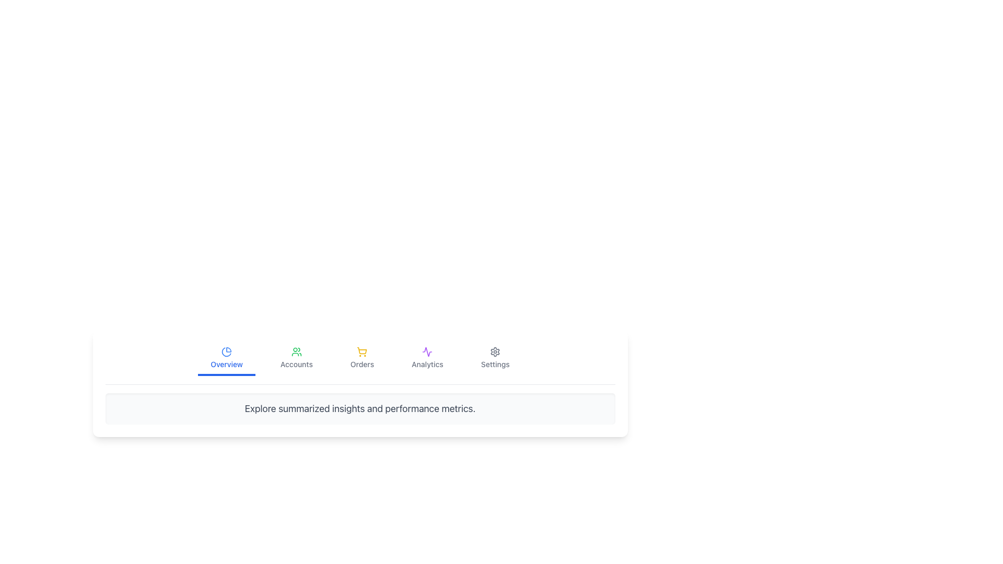 The height and width of the screenshot is (564, 1003). I want to click on the text label indicating the 'Analytics' navigation icon, so click(427, 364).